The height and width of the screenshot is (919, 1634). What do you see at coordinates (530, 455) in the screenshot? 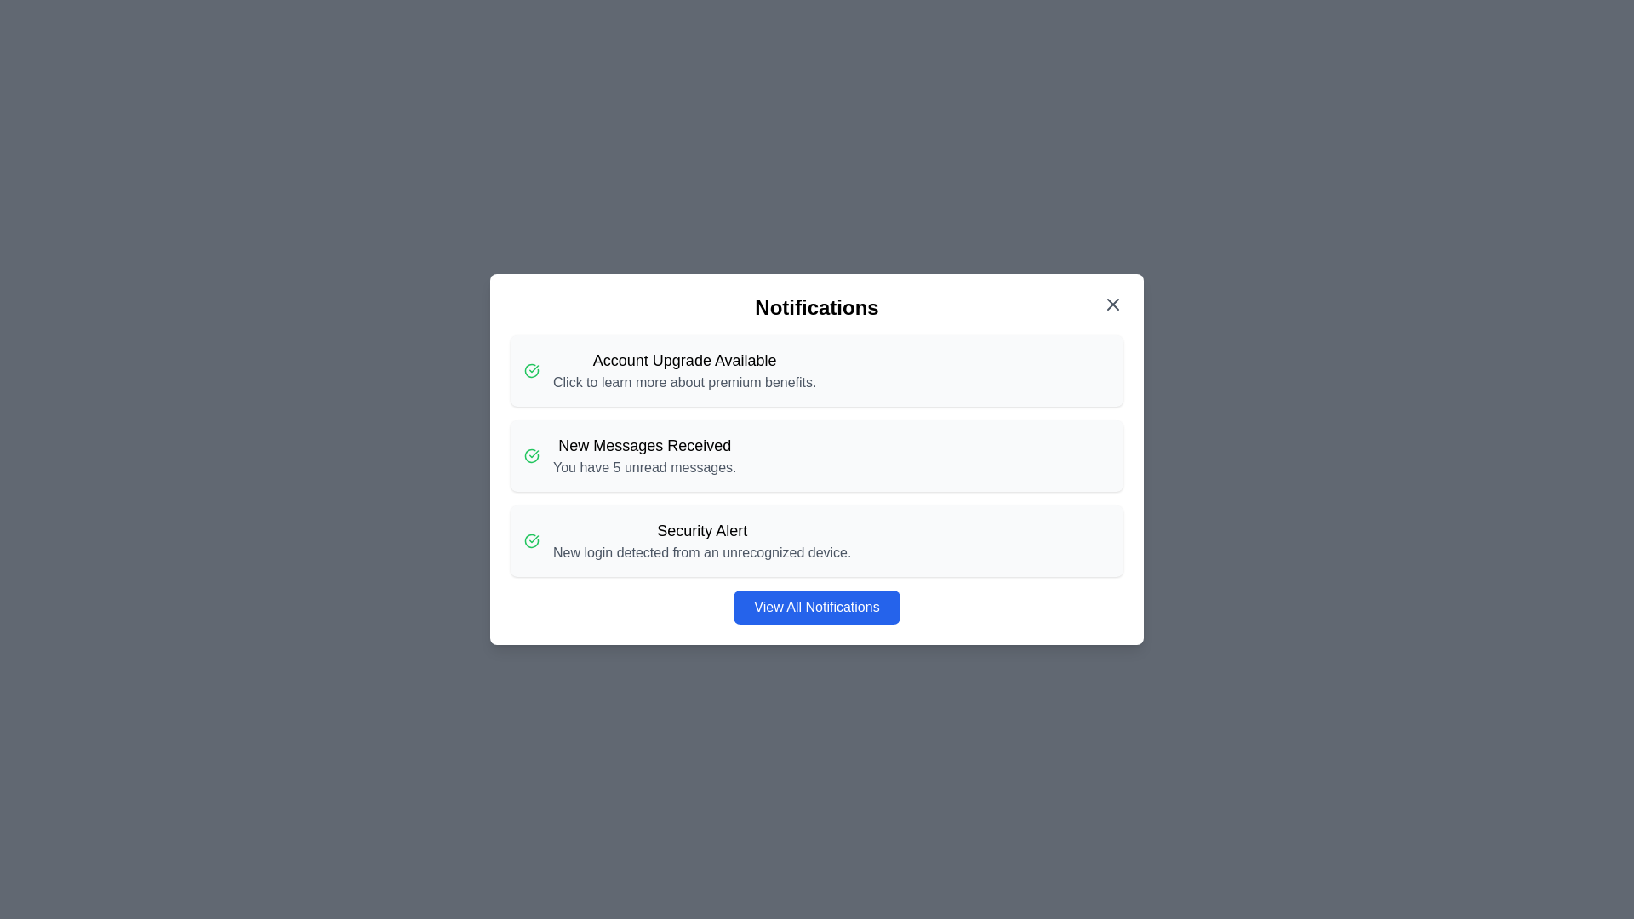
I see `the green circular checkmark icon located in the leftmost part of the 'New Messages Received' notification in the notification pane` at bounding box center [530, 455].